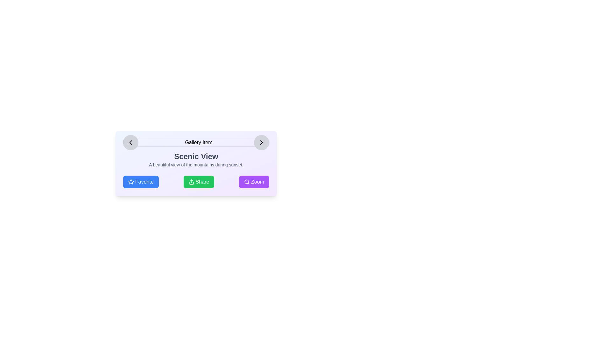  Describe the element at coordinates (247, 182) in the screenshot. I see `the small magnifying glass icon, which is the leftmost component of the purple 'Zoom' button` at that location.